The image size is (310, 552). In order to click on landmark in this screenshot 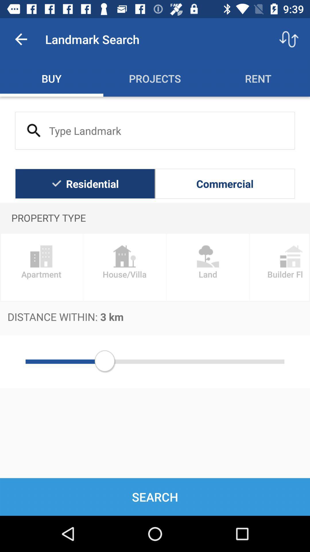, I will do `click(155, 130)`.